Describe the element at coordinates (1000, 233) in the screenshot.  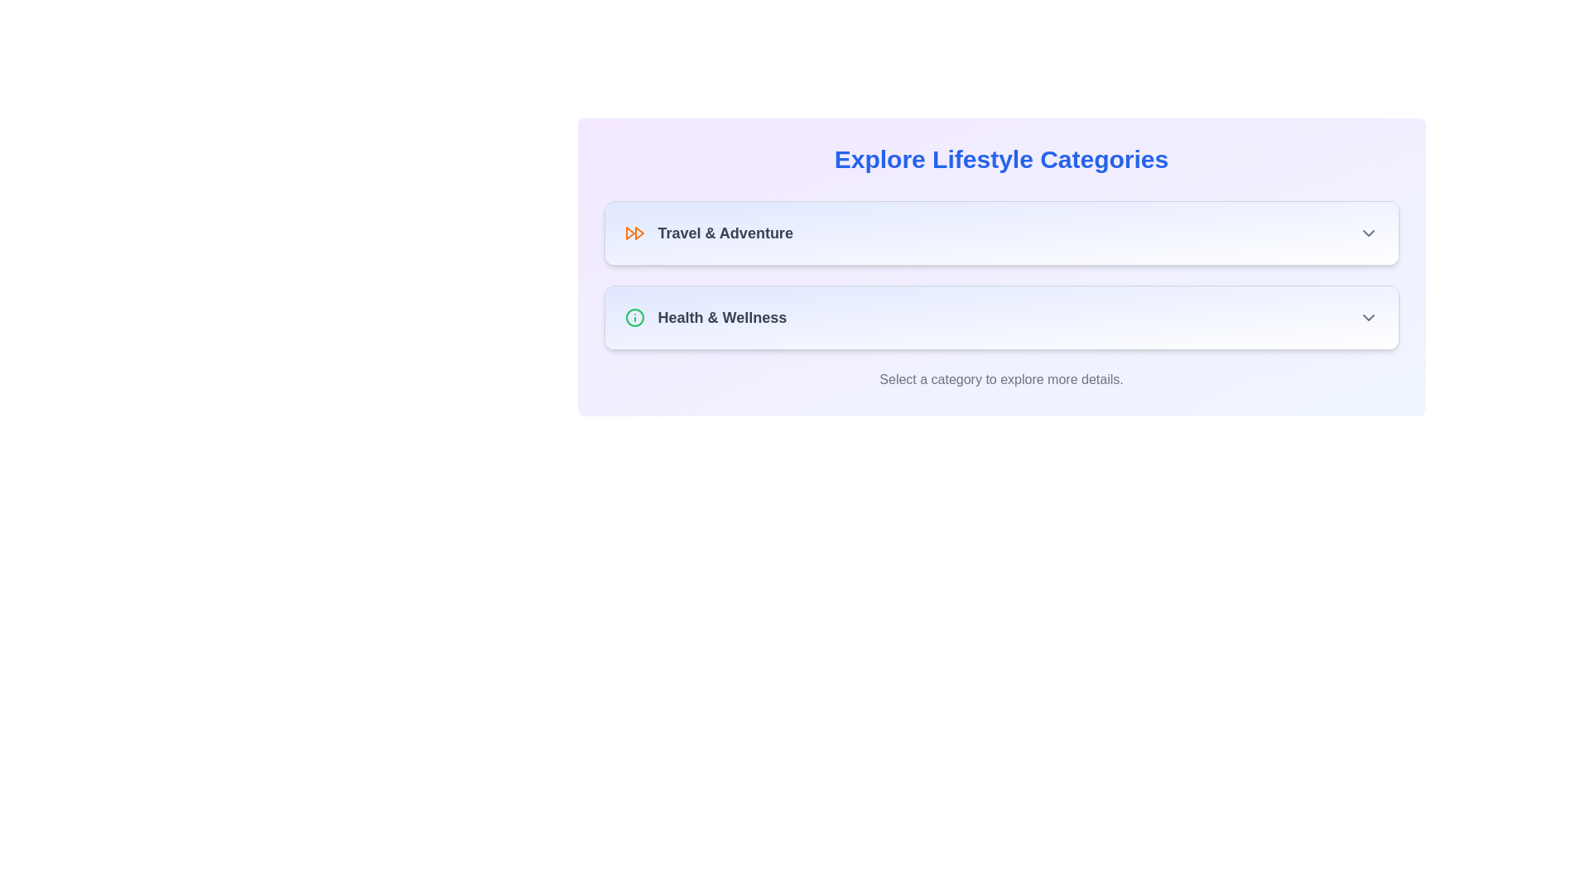
I see `the 'Travel & Adventure' category selector button` at that location.